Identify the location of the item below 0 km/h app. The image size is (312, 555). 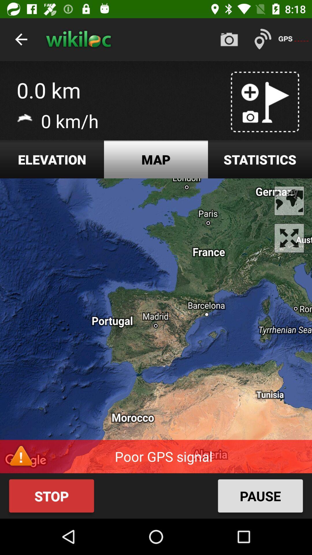
(52, 159).